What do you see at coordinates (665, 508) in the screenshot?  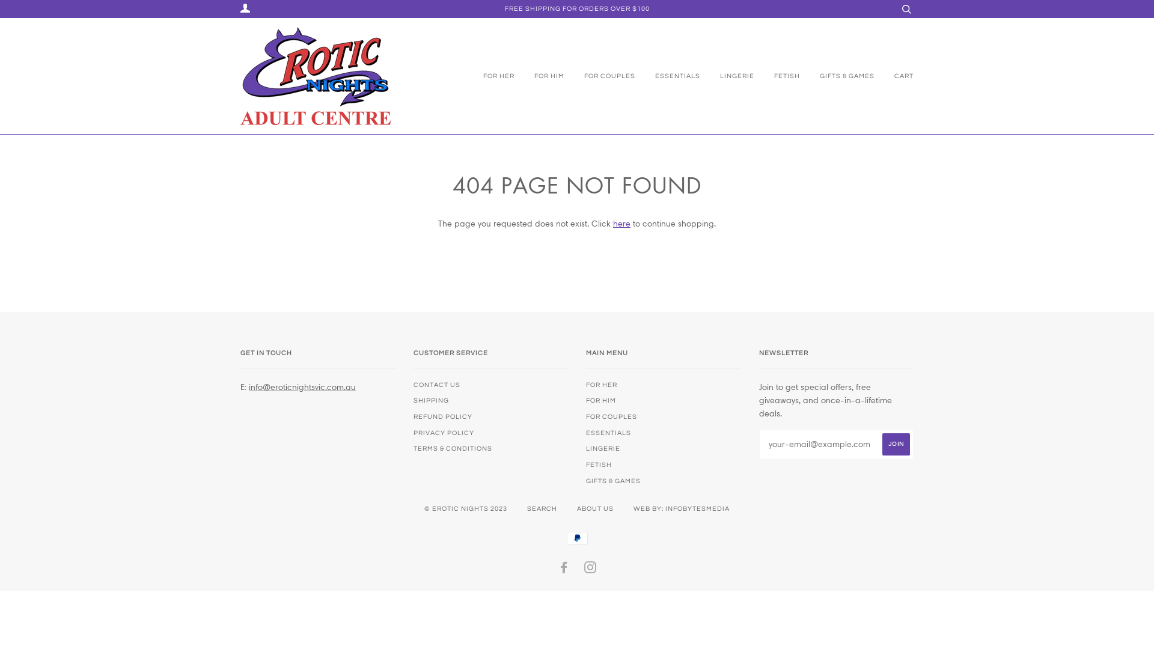 I see `'INFOBYTESMEDIA'` at bounding box center [665, 508].